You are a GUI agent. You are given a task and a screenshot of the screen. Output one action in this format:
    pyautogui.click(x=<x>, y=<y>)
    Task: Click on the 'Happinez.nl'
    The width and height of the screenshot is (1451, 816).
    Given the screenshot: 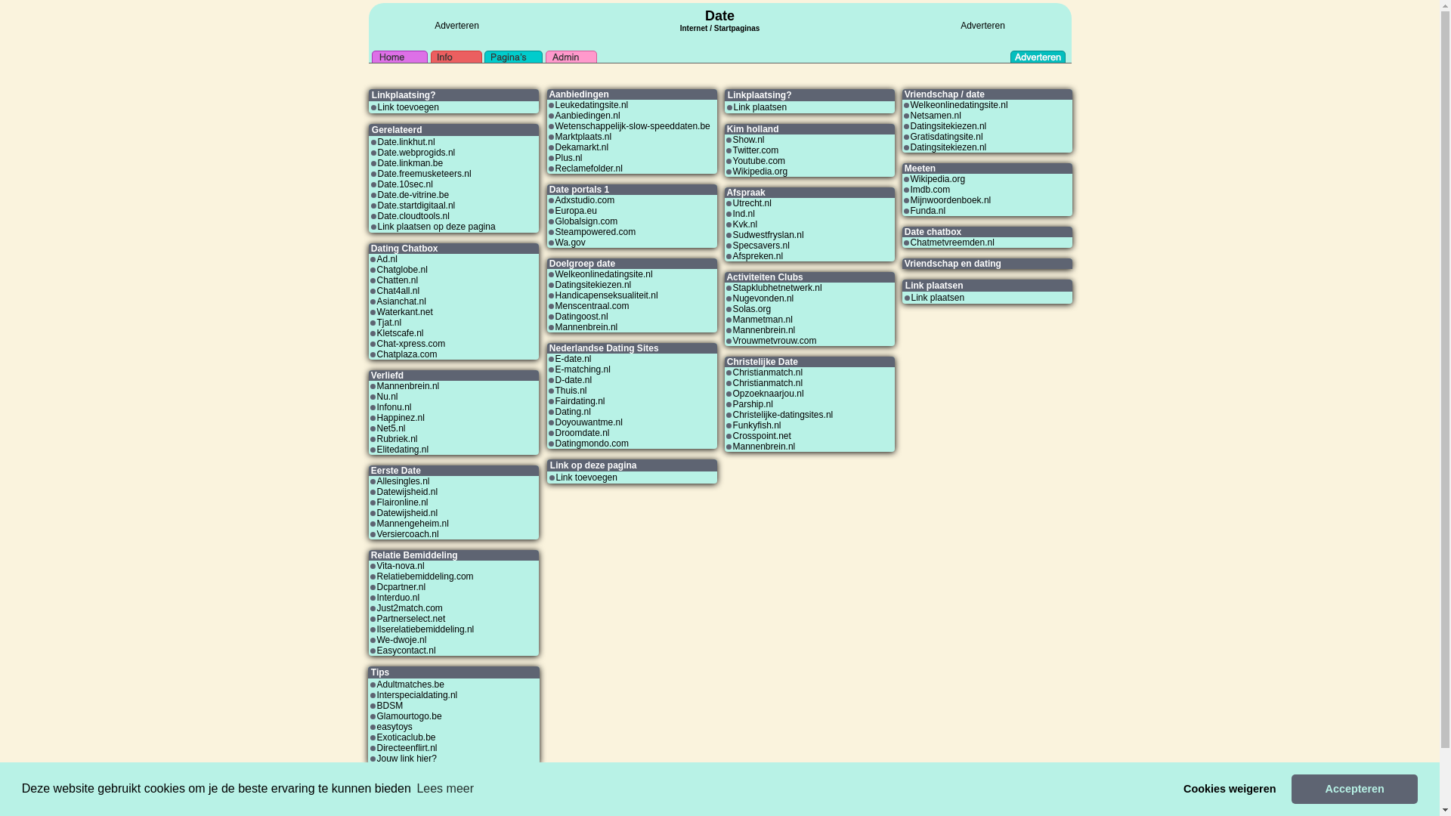 What is the action you would take?
    pyautogui.click(x=400, y=417)
    